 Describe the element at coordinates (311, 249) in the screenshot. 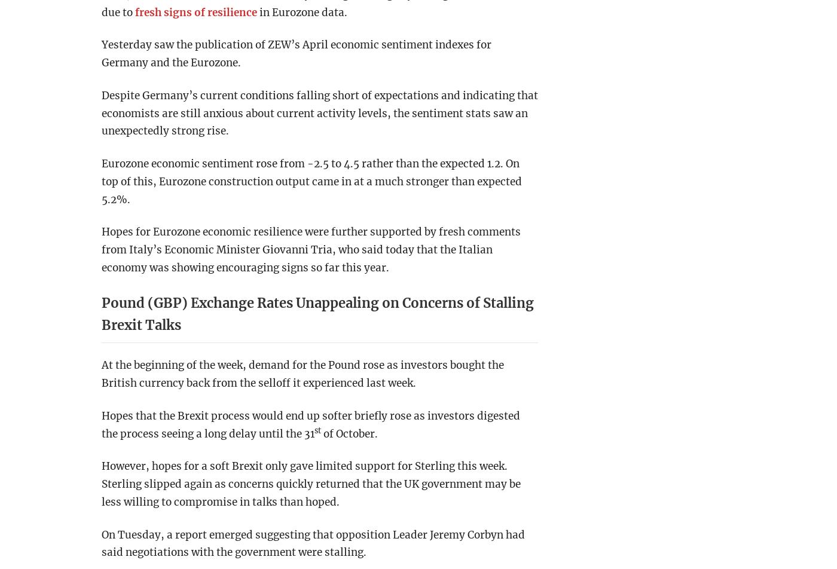

I see `'Hopes for Eurozone economic resilience were further supported by fresh comments from Italy’s Economic Minister Giovanni Tria, who said today that the Italian economy was showing encouraging signs so far this year.'` at that location.